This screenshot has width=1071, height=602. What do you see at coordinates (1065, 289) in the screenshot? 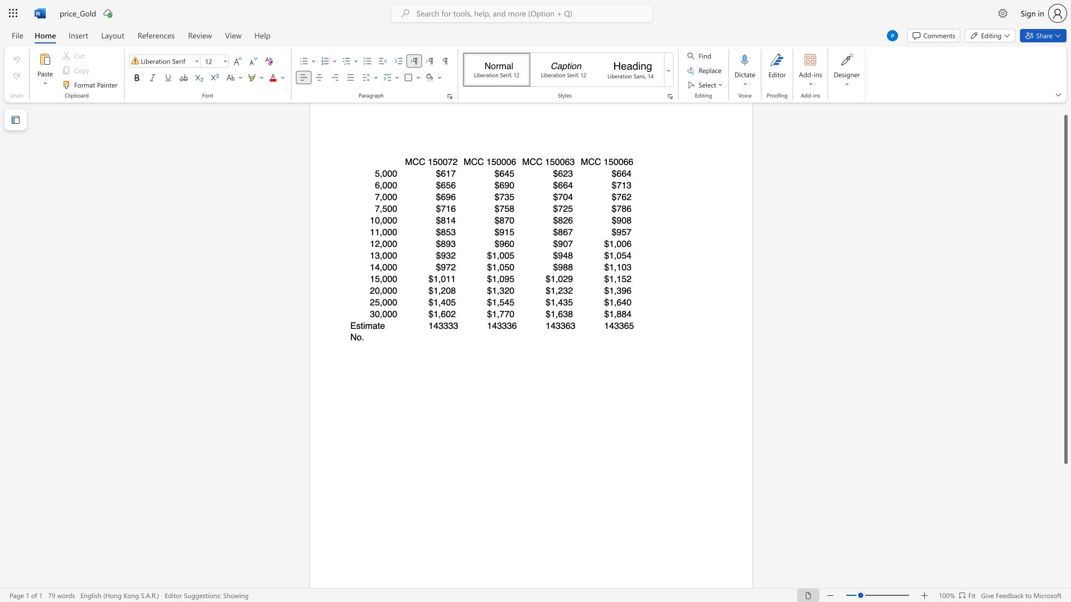
I see `the scrollbar and move up 10 pixels` at bounding box center [1065, 289].